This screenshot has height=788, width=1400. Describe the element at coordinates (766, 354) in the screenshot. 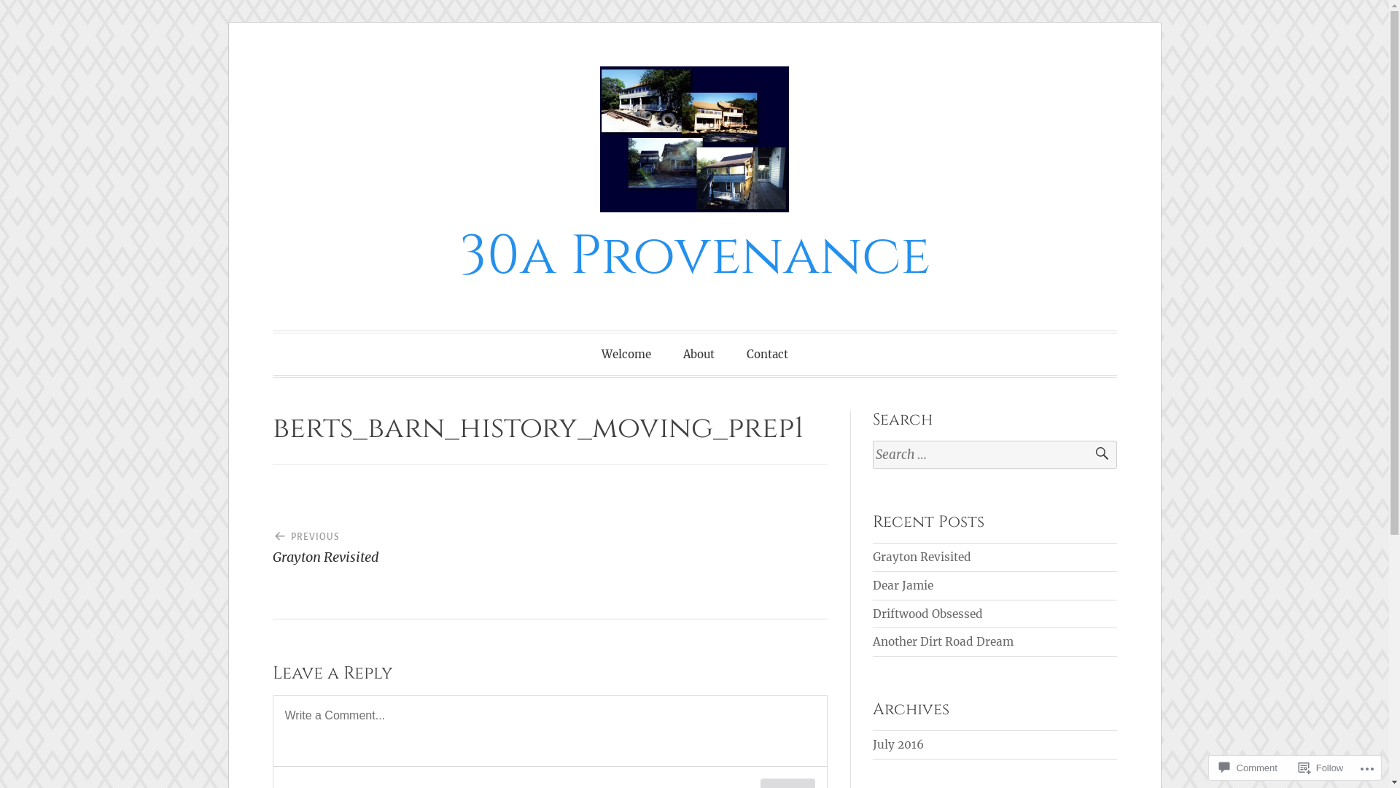

I see `'Contact'` at that location.